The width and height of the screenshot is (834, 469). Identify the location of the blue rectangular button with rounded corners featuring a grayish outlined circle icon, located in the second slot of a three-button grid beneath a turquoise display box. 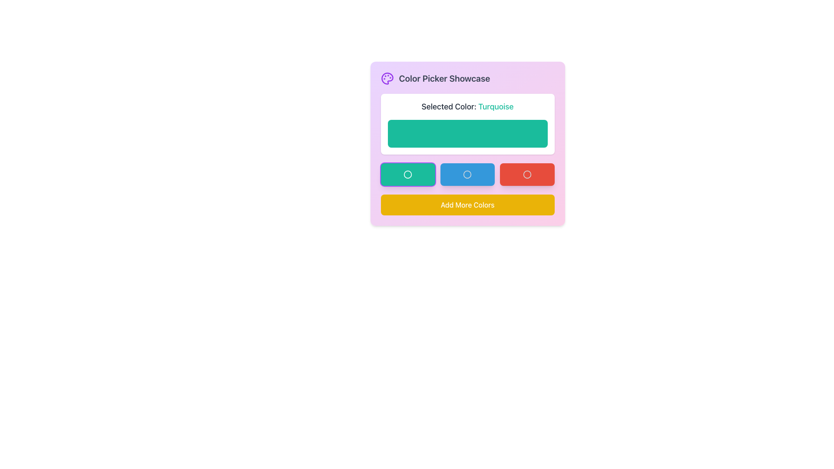
(467, 174).